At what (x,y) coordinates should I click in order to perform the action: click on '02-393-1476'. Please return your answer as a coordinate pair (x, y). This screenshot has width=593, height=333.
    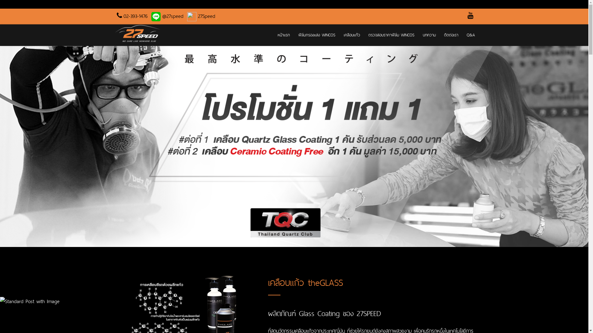
    Looking at the image, I should click on (130, 15).